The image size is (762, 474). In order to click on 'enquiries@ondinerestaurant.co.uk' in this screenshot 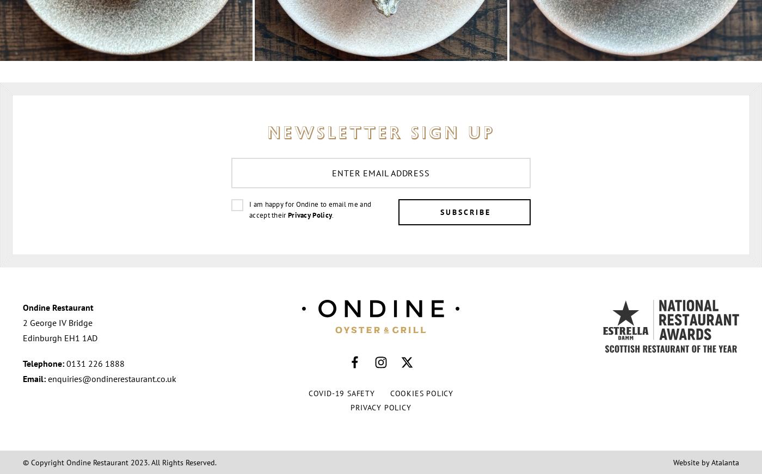, I will do `click(112, 378)`.